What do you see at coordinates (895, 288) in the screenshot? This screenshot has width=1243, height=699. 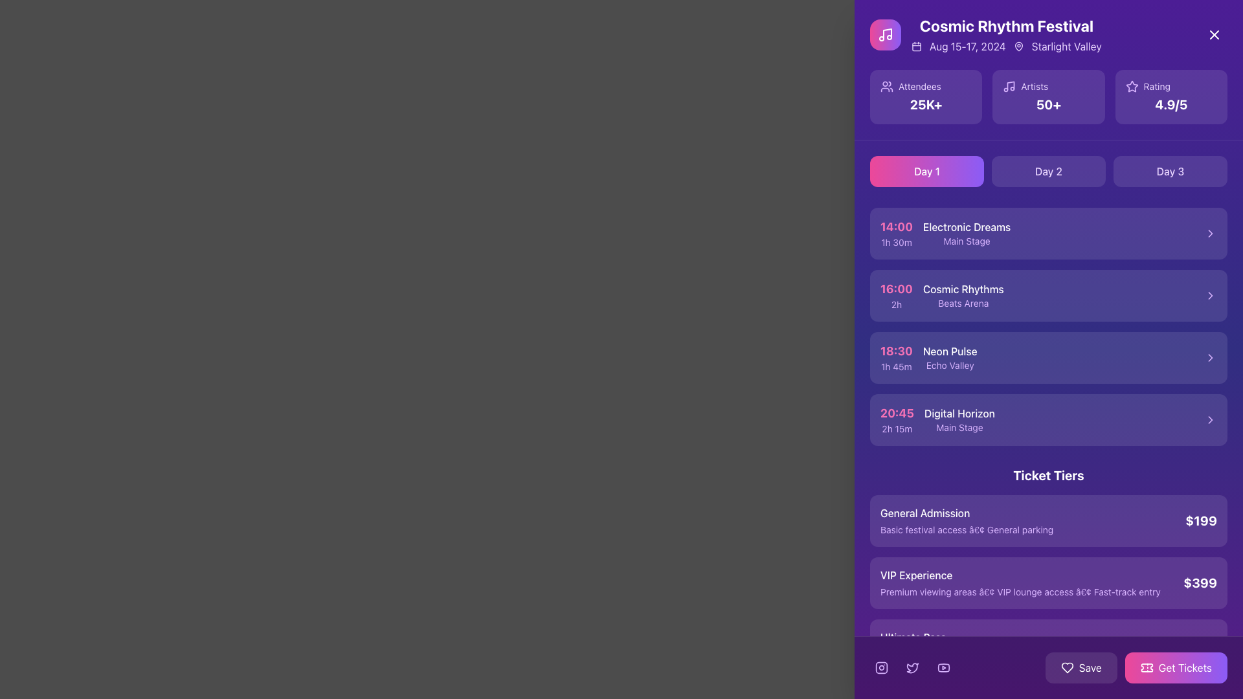 I see `time displayed on the bold pink text label showing '16:00', which is located in the middle of the events list for the music festival, positioned between '14:00 Electronic Dreams' and '18:30 Neon Pulse'` at bounding box center [895, 288].